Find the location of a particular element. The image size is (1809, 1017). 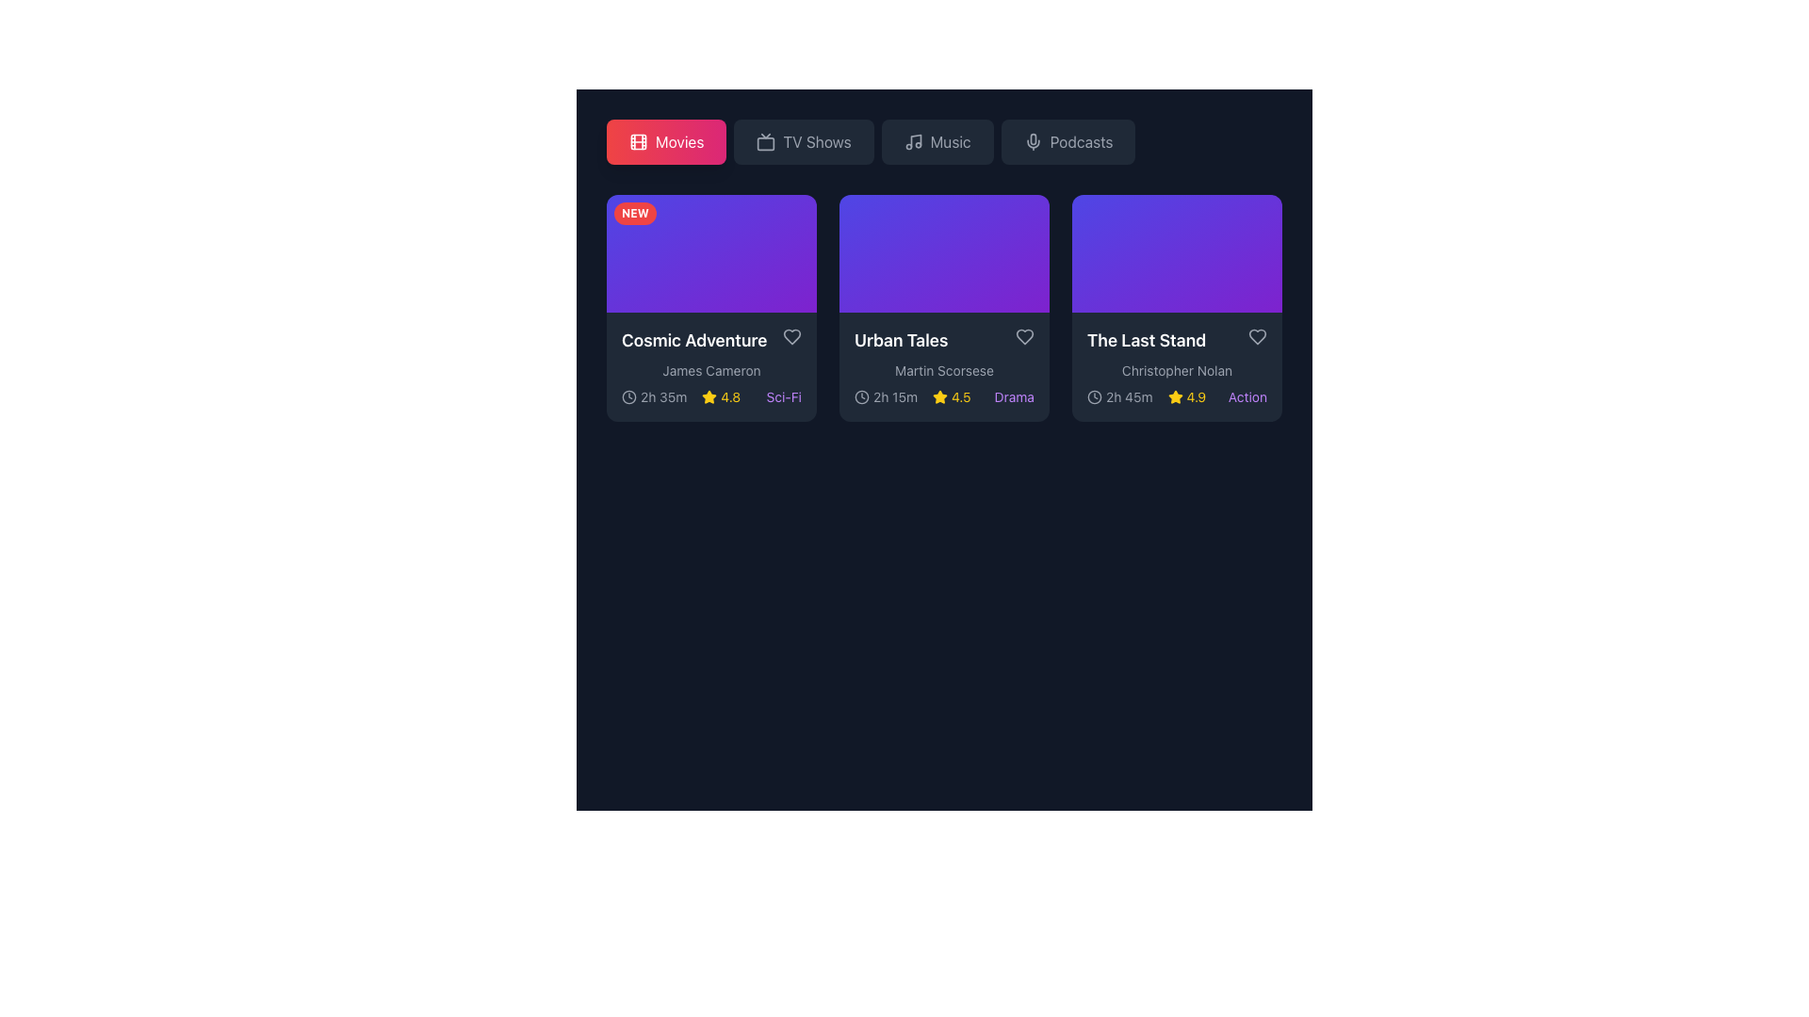

the 'Cosmic Adventure' information card section located at the bottom of the first card under the 'NEW' purple gradient header for more details is located at coordinates (710, 367).